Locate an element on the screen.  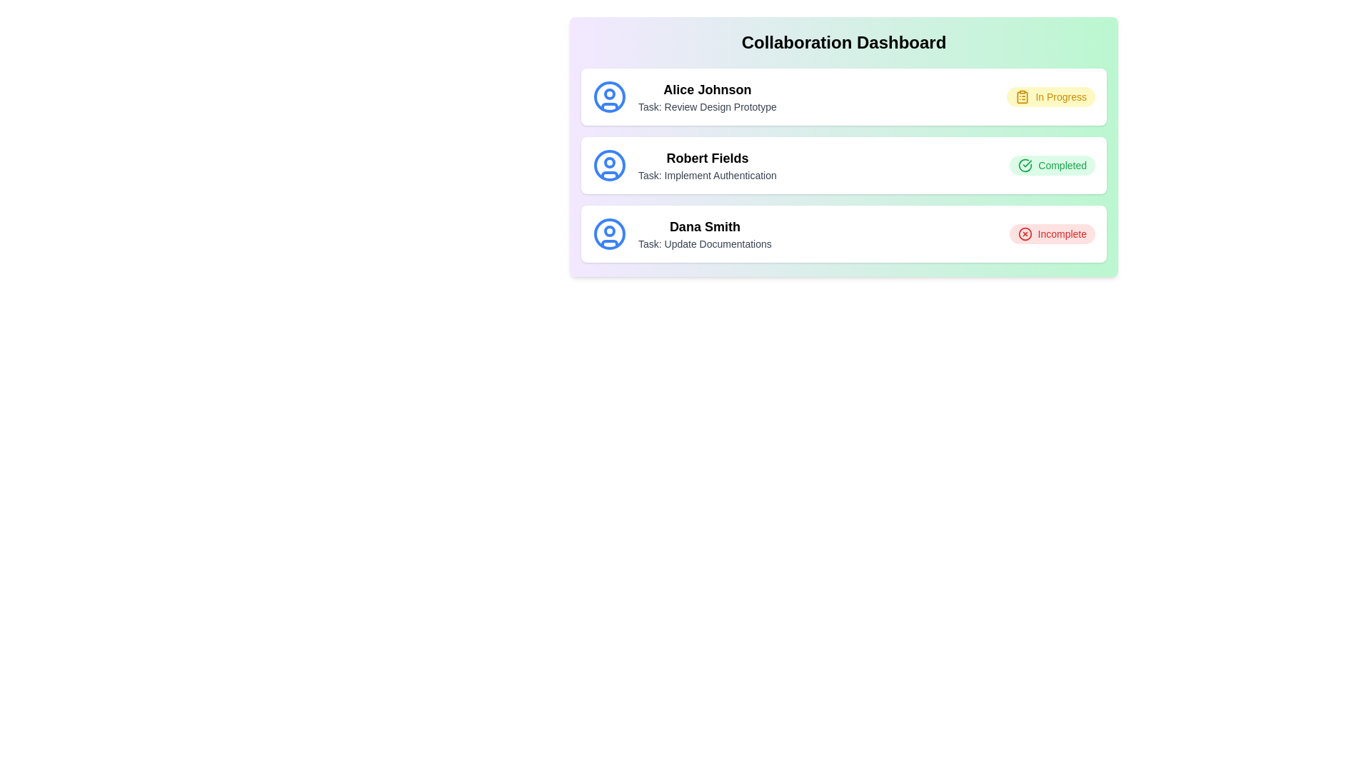
the task card for Robert Fields - Implement Authentication to view its details is located at coordinates (843, 164).